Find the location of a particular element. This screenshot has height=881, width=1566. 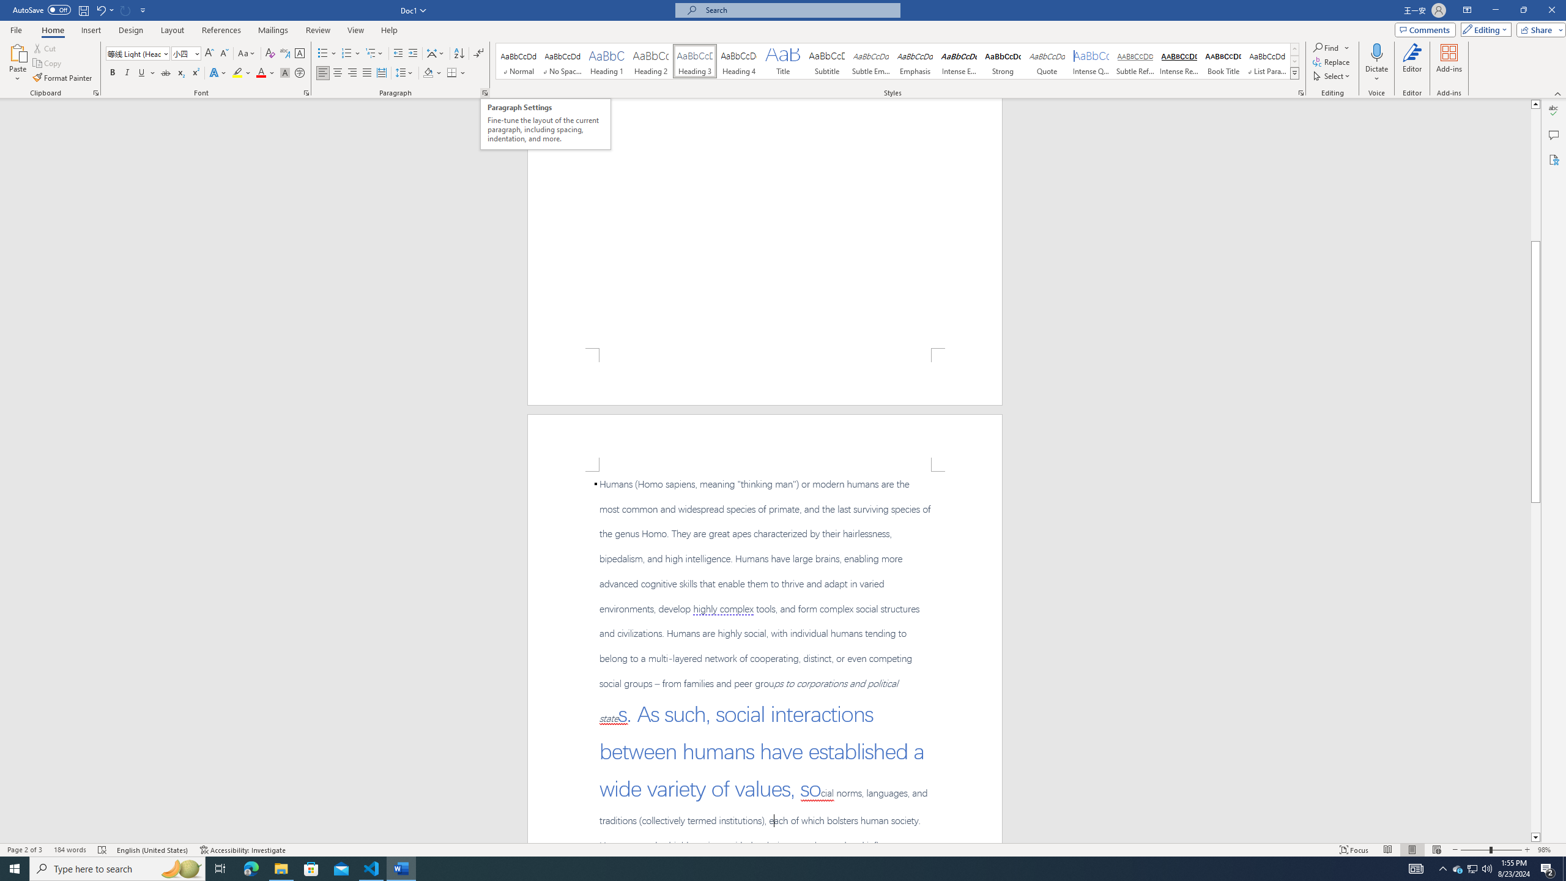

'Font Color' is located at coordinates (264, 72).